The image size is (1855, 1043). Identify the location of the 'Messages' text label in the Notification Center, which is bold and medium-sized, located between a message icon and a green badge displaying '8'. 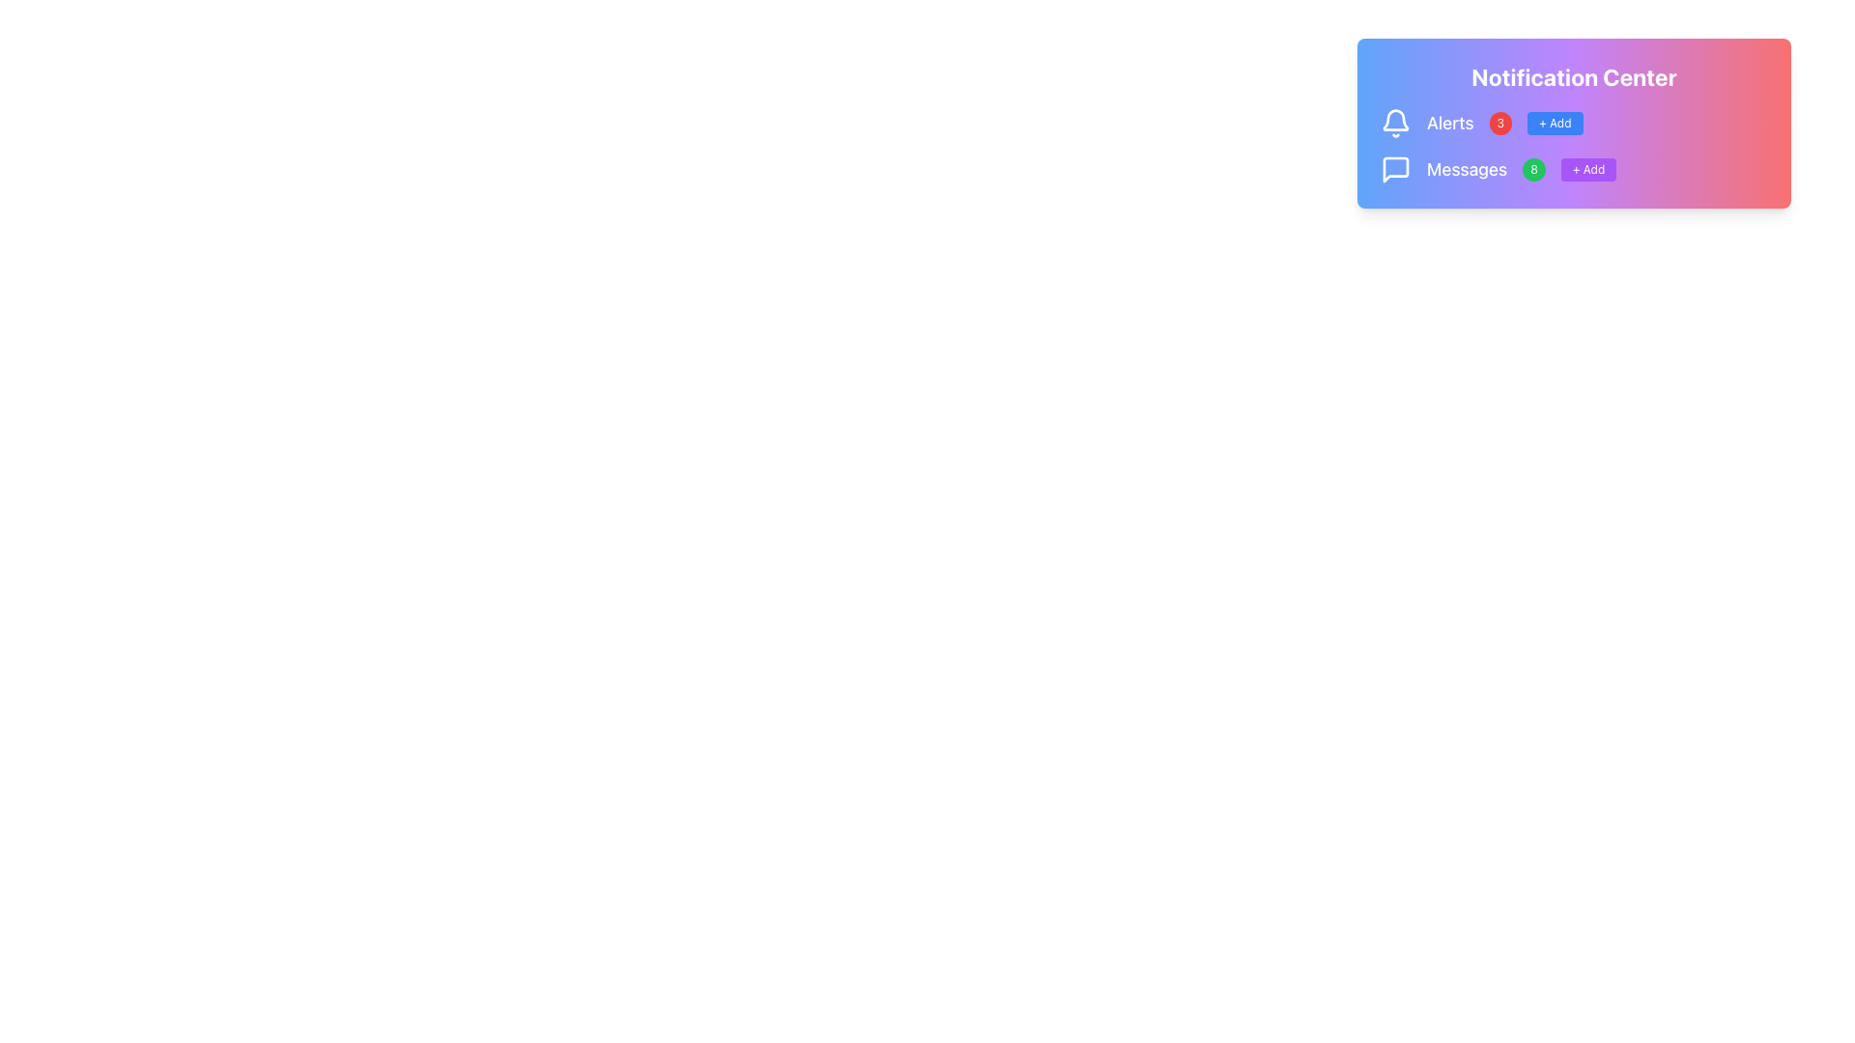
(1467, 169).